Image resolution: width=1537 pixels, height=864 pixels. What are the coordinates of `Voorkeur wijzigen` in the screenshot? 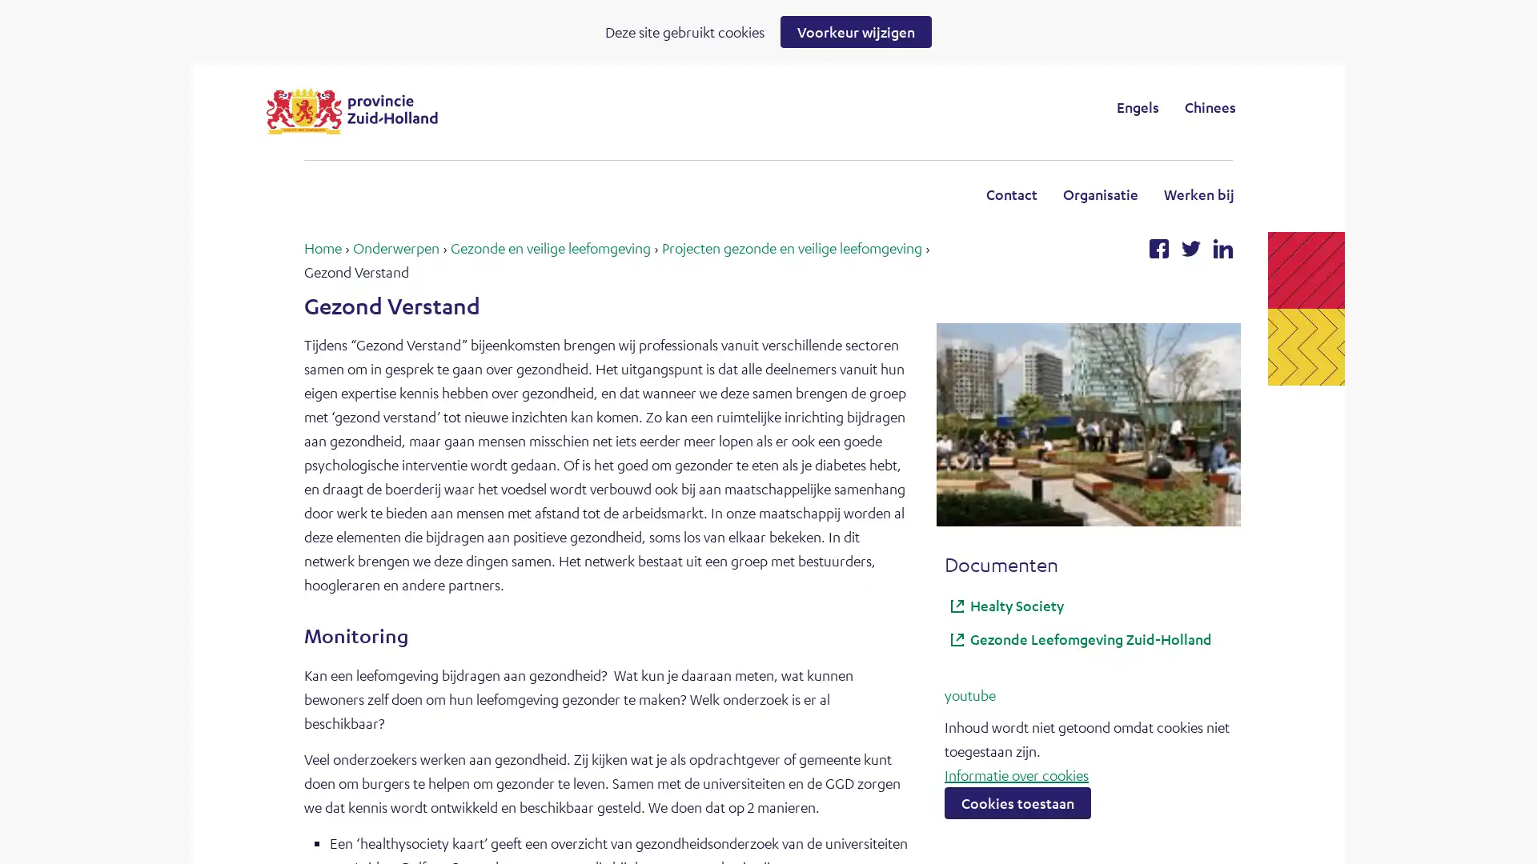 It's located at (855, 31).